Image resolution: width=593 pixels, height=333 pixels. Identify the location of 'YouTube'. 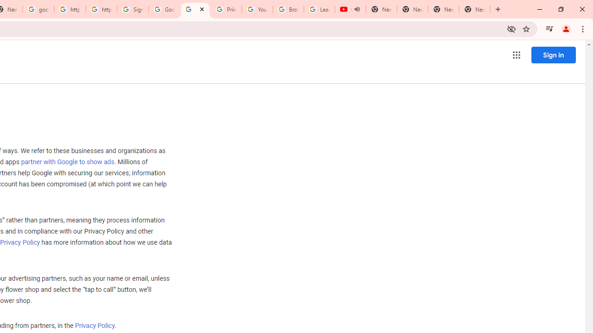
(257, 9).